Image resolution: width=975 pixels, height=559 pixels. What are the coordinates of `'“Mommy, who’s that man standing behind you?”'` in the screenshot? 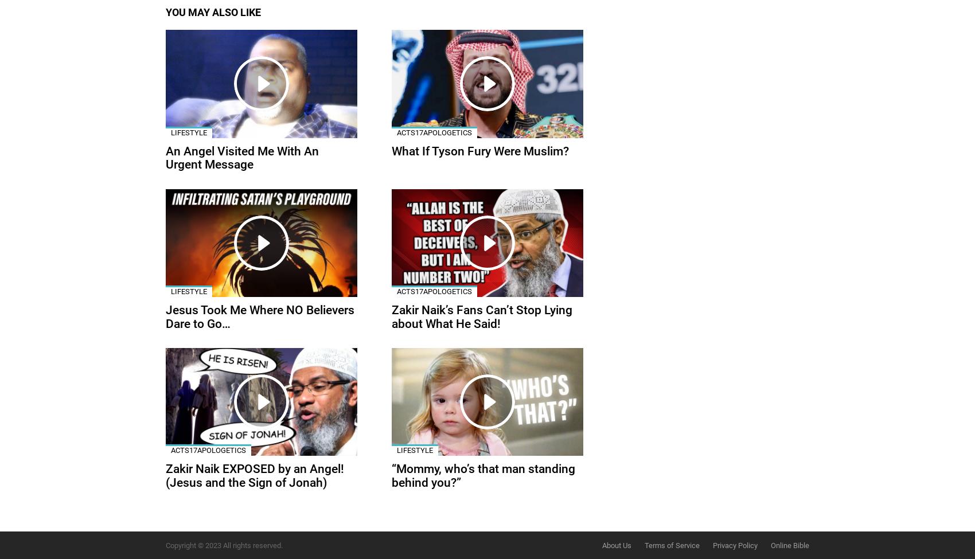 It's located at (483, 475).